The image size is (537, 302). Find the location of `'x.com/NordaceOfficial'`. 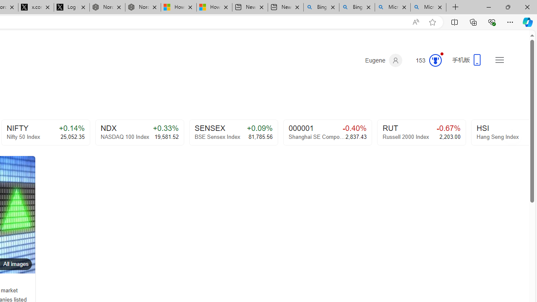

'x.com/NordaceOfficial' is located at coordinates (35, 7).